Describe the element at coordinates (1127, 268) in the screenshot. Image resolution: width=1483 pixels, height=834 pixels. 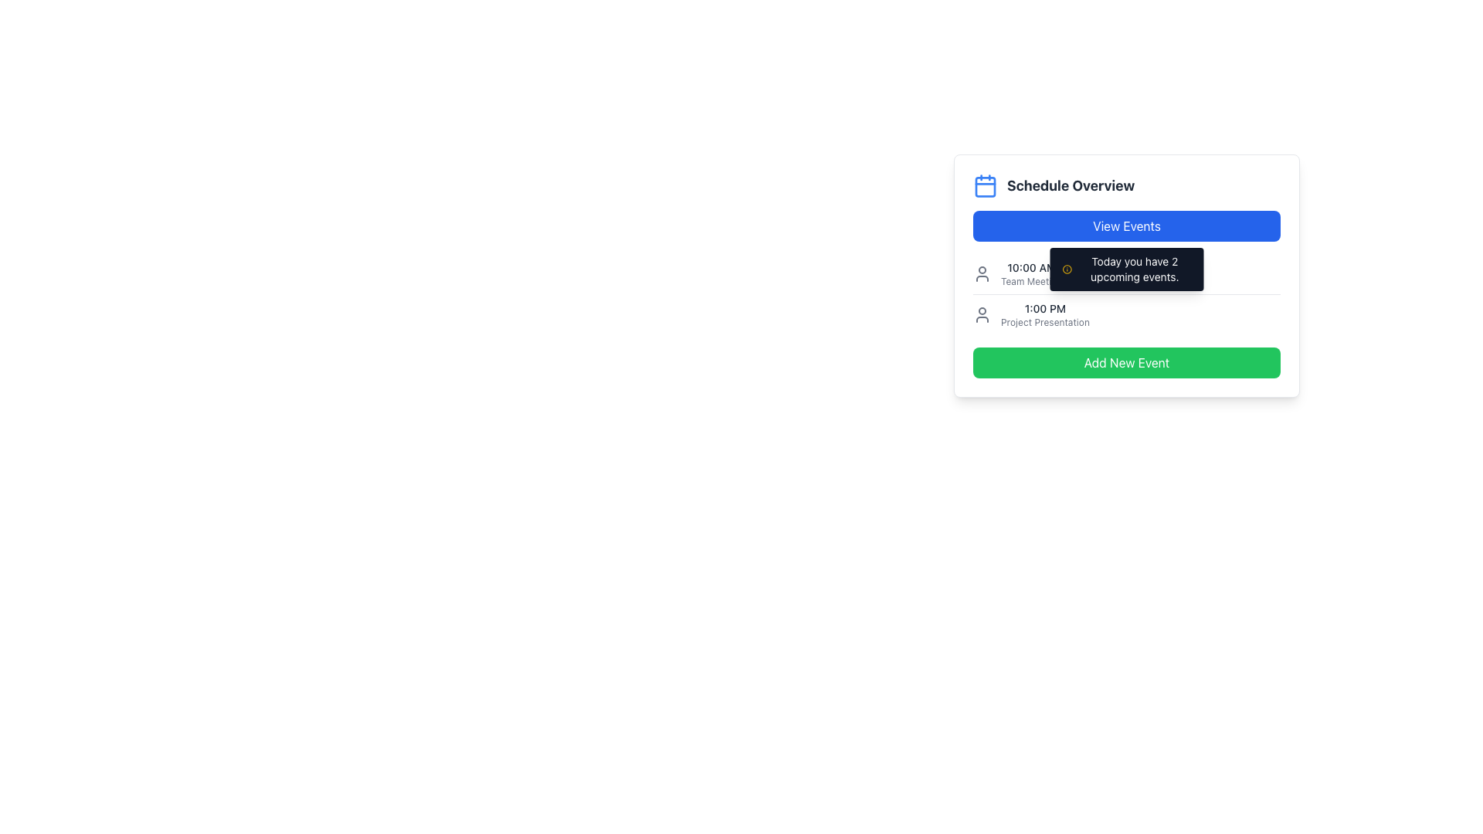
I see `the Informational Text with Icon that displays the number of upcoming events, located centrally beneath the 'View Events' button and above the list of scheduled events` at that location.